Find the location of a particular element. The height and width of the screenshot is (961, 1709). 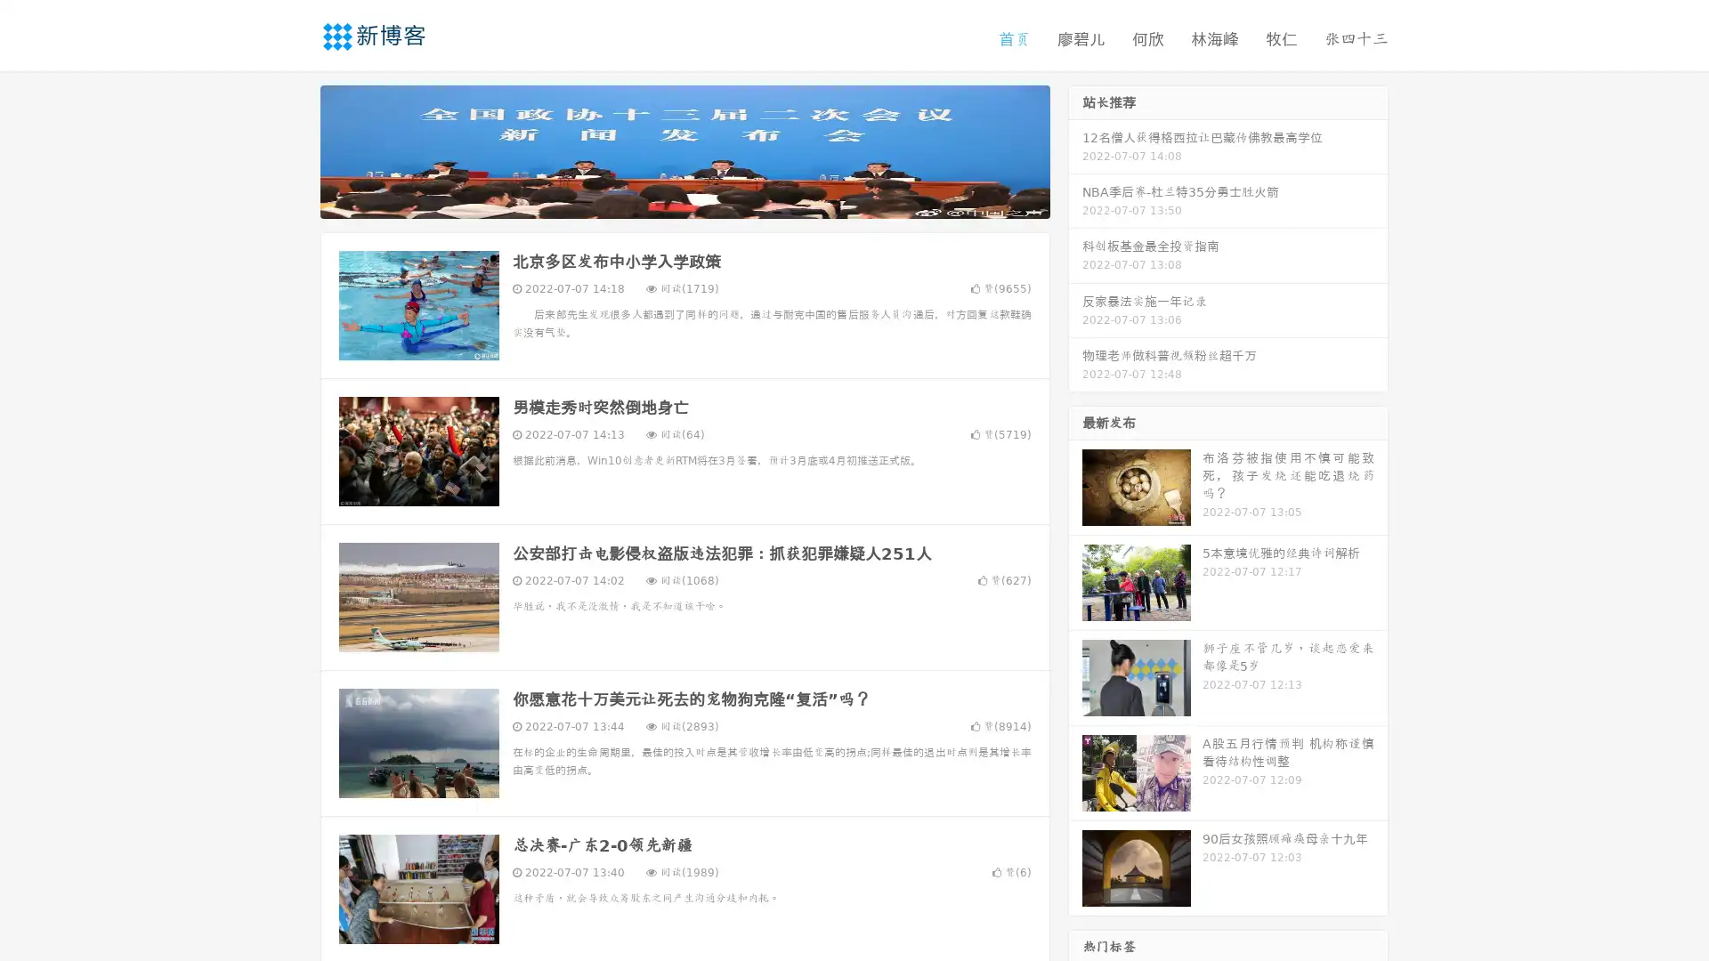

Go to slide 3 is located at coordinates (702, 200).